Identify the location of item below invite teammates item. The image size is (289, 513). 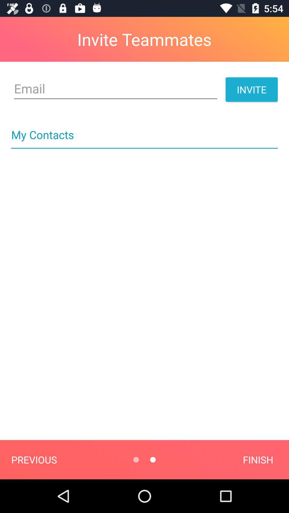
(115, 89).